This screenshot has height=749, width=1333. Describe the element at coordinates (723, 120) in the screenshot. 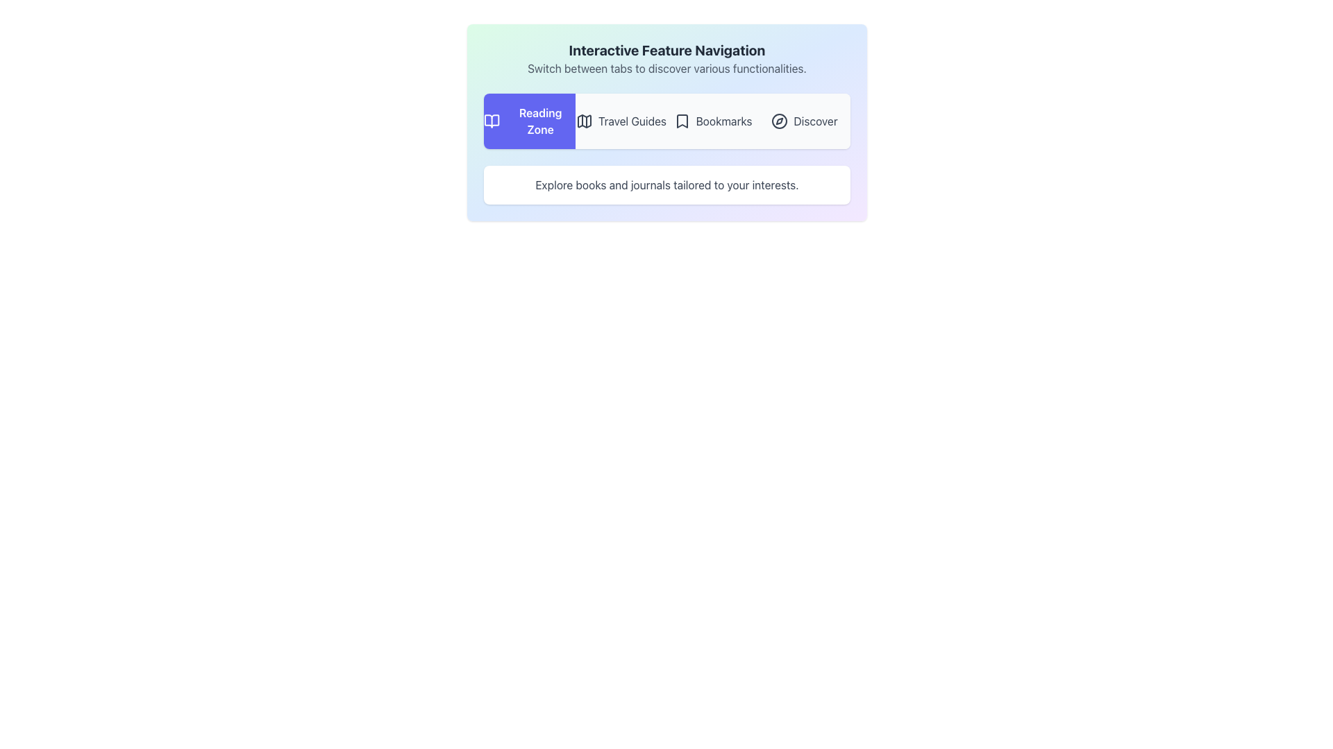

I see `the static text label displaying 'Bookmarks', which is positioned between 'Travel Guides' and 'Discover' in the navigation bar` at that location.